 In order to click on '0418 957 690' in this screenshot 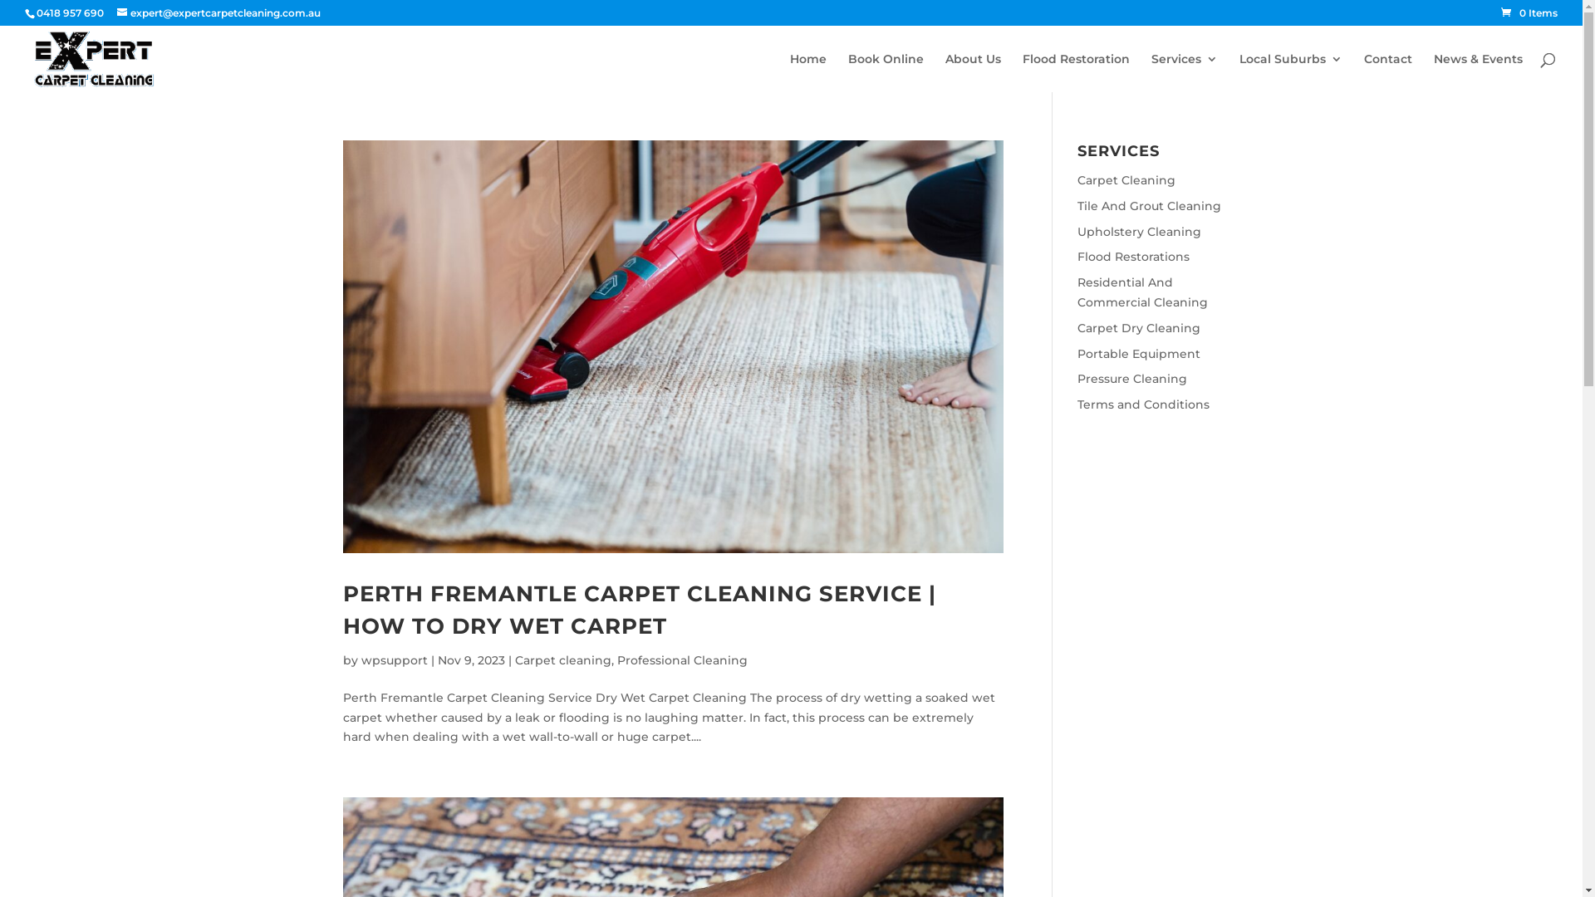, I will do `click(69, 12)`.